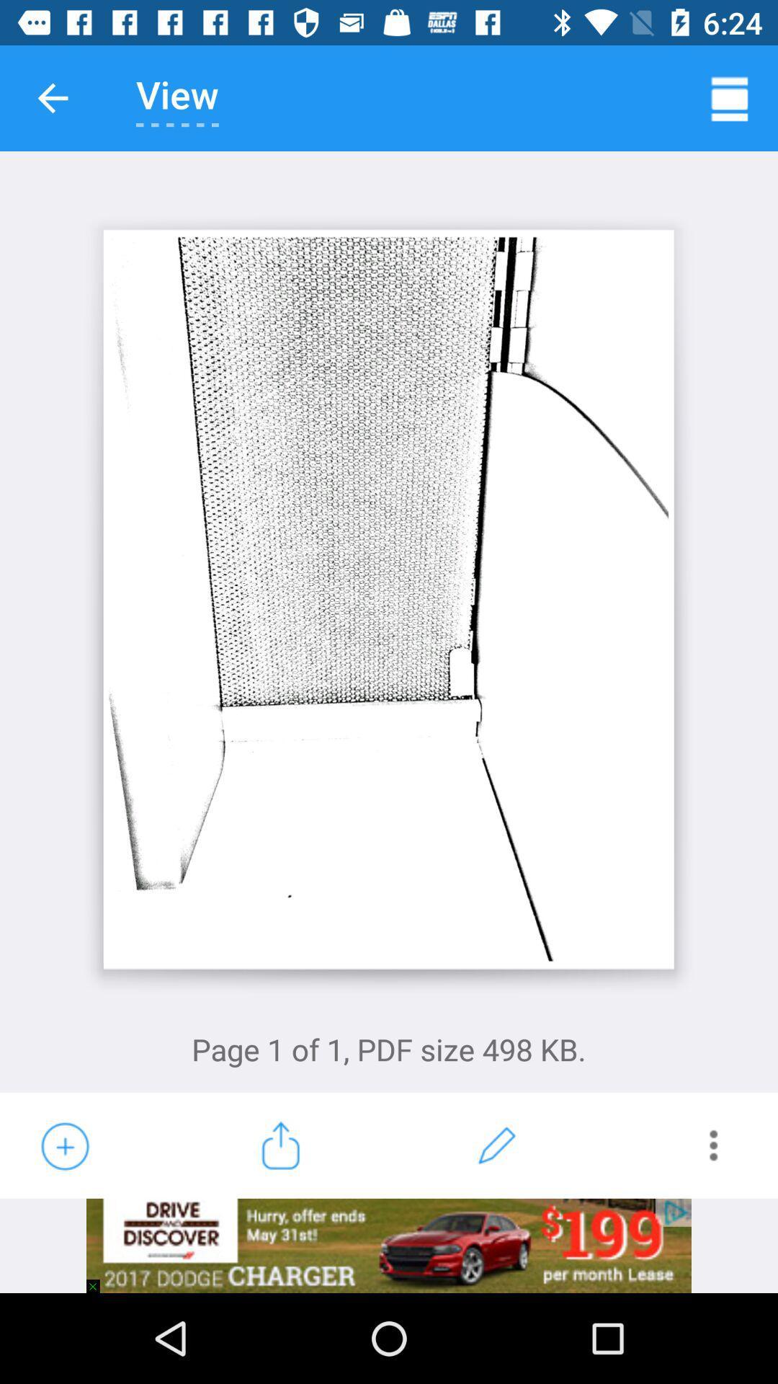 Image resolution: width=778 pixels, height=1384 pixels. Describe the element at coordinates (496, 1145) in the screenshot. I see `the edit icon` at that location.